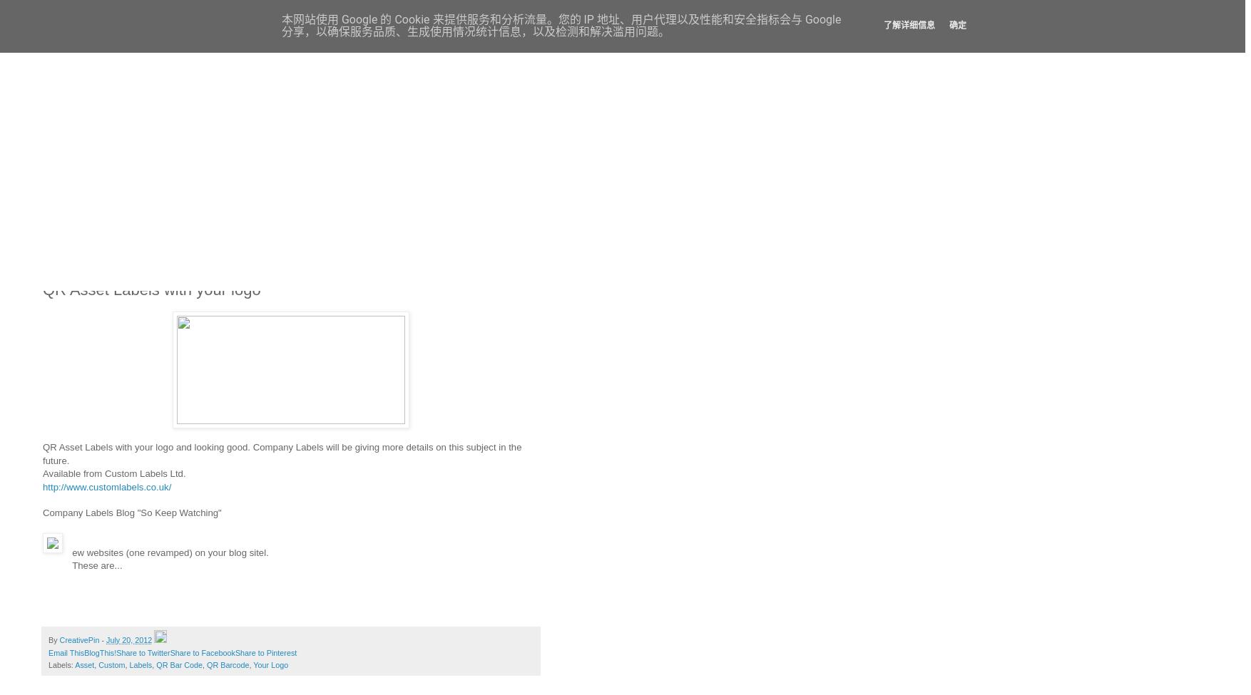  Describe the element at coordinates (132, 512) in the screenshot. I see `'Company Labels Blog "So Keep Watching"'` at that location.